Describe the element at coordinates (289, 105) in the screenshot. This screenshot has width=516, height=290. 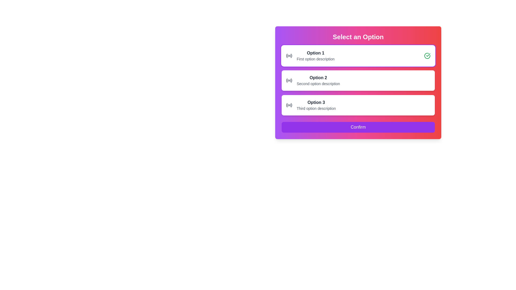
I see `the circular radio signal indicator icon located to the left of 'Option 3' in the selectable options list` at that location.